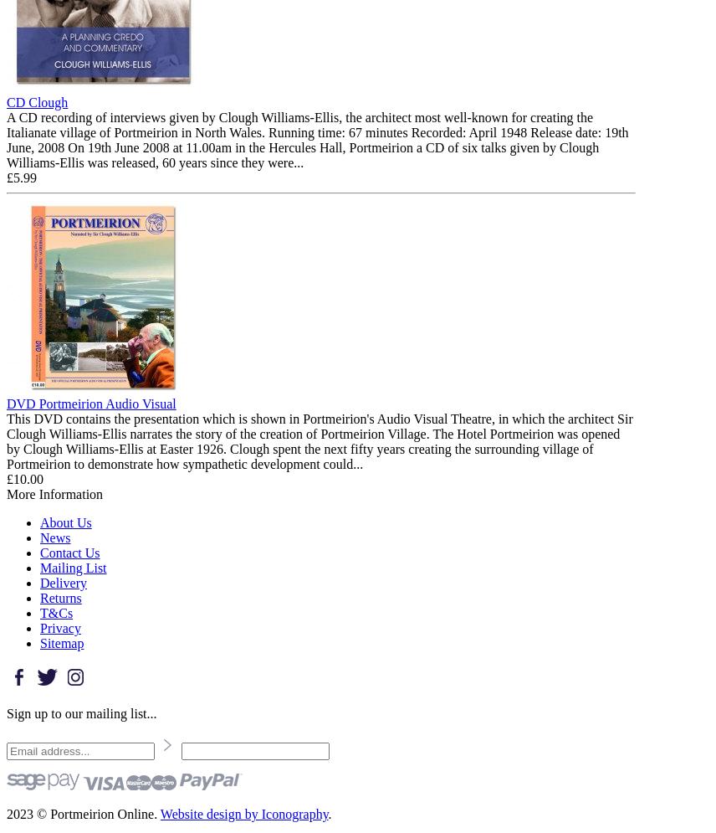  I want to click on 'Returns', so click(60, 597).